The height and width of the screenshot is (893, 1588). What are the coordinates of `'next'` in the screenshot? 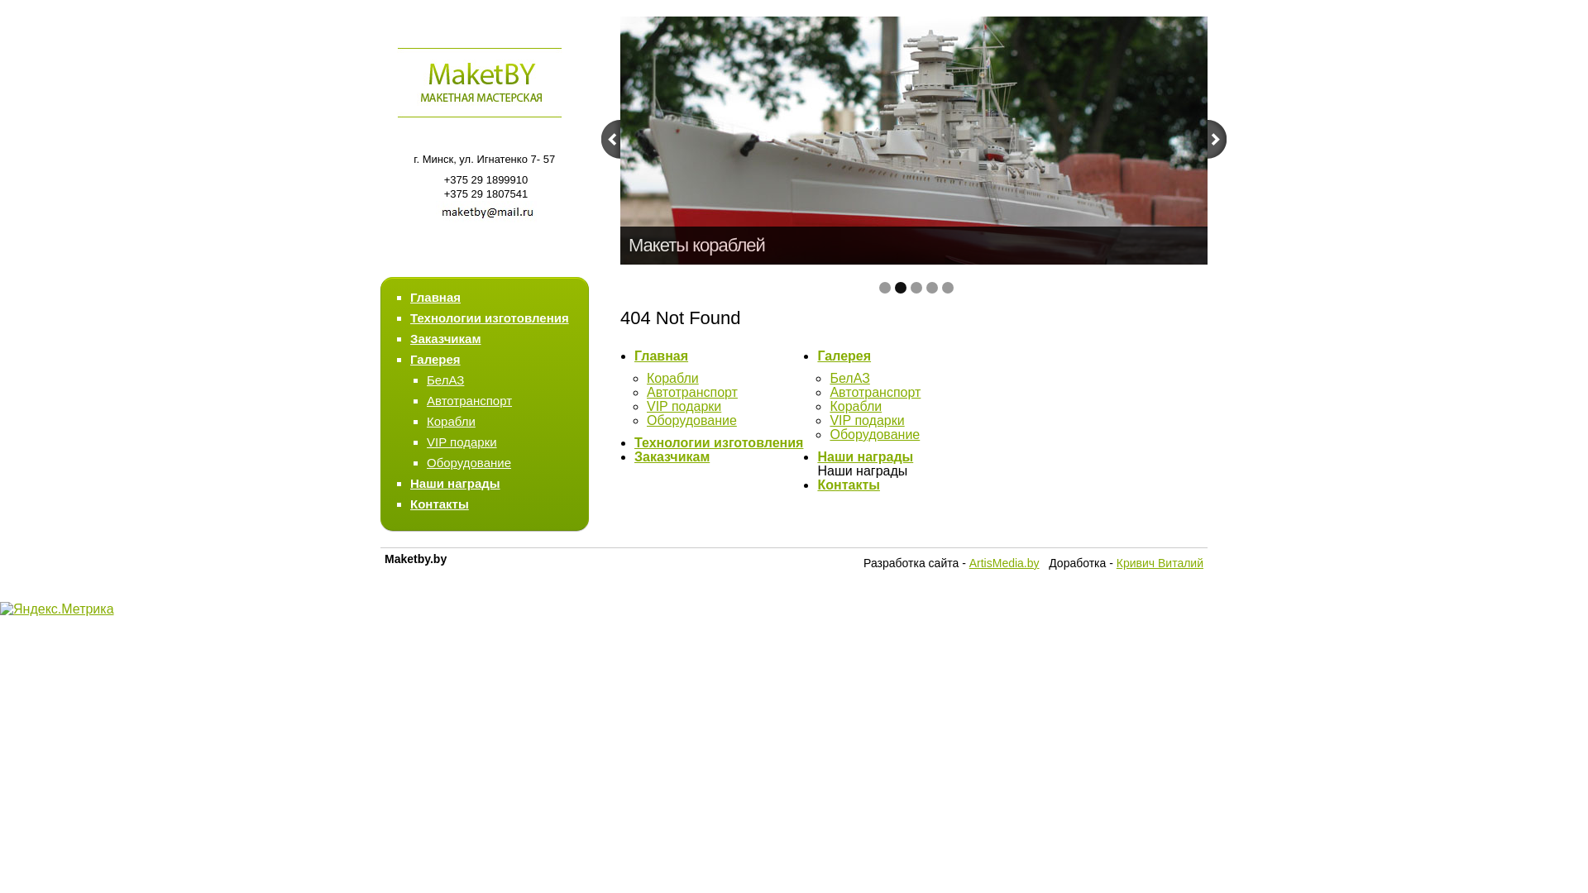 It's located at (1217, 138).